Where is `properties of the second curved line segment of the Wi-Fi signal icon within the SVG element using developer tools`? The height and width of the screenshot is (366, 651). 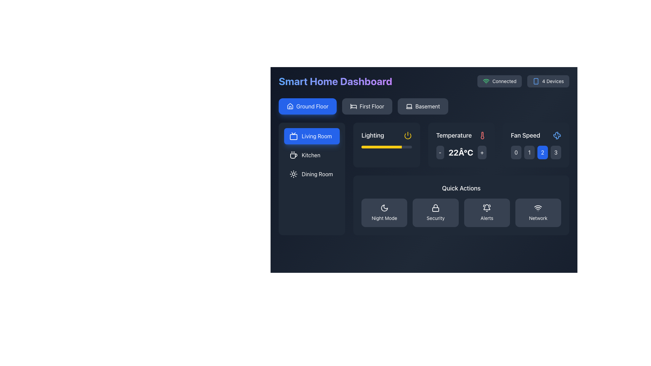 properties of the second curved line segment of the Wi-Fi signal icon within the SVG element using developer tools is located at coordinates (486, 79).